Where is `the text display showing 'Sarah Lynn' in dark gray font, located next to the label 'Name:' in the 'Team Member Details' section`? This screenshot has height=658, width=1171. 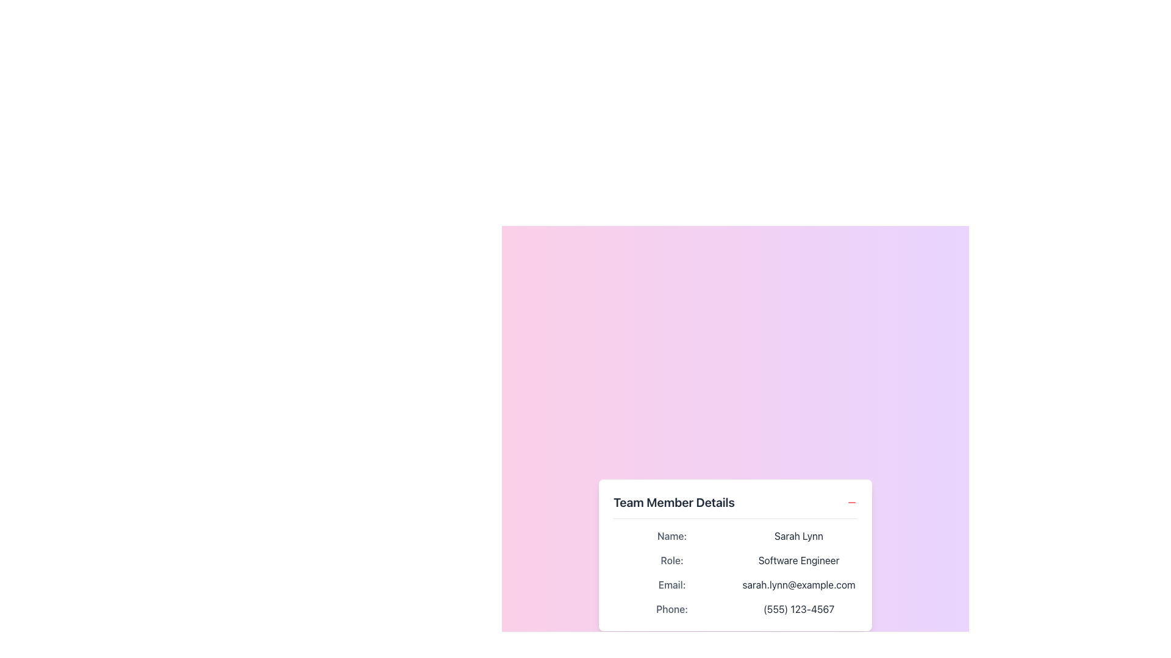
the text display showing 'Sarah Lynn' in dark gray font, located next to the label 'Name:' in the 'Team Member Details' section is located at coordinates (799, 535).